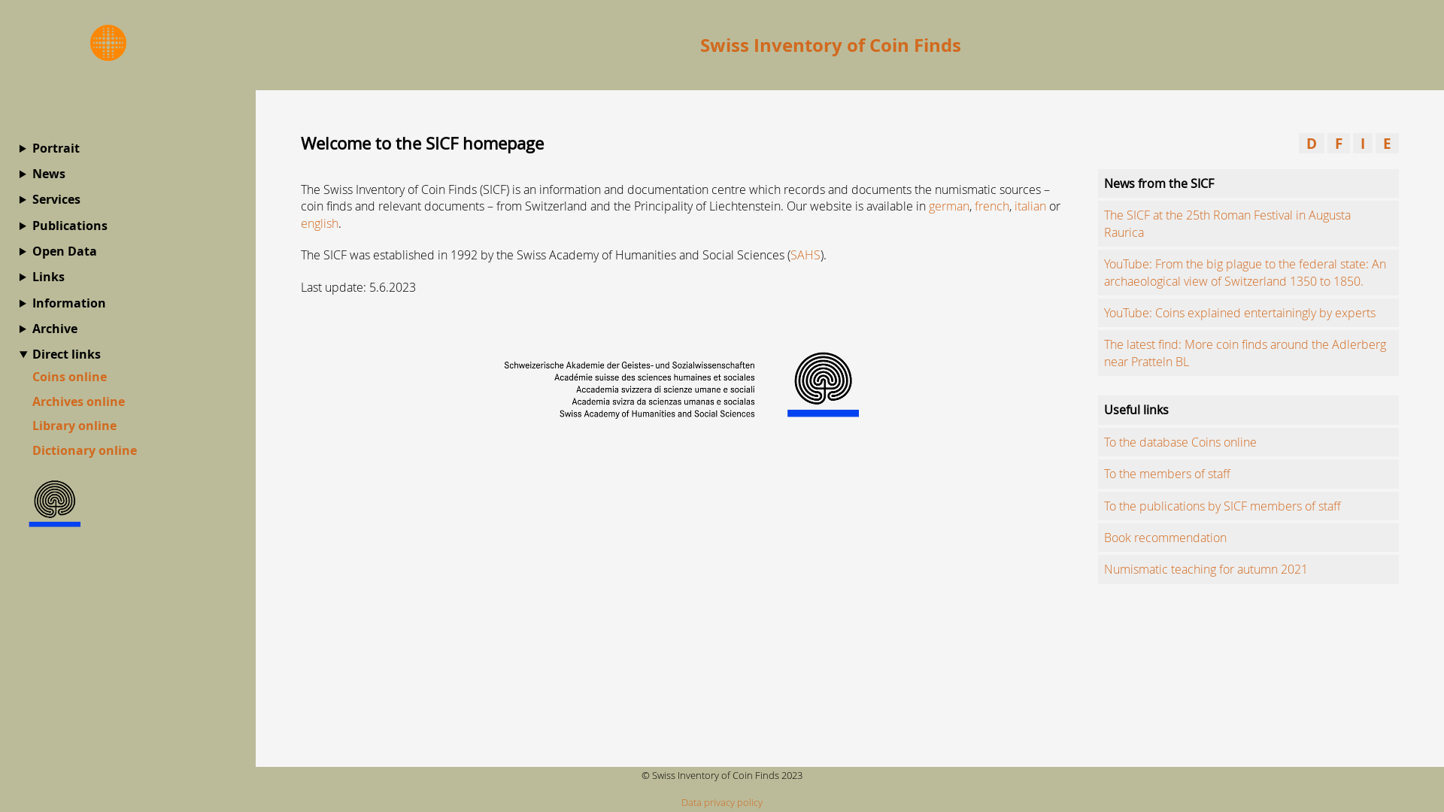 The height and width of the screenshot is (812, 1444). Describe the element at coordinates (1164, 536) in the screenshot. I see `'Book recommendation'` at that location.